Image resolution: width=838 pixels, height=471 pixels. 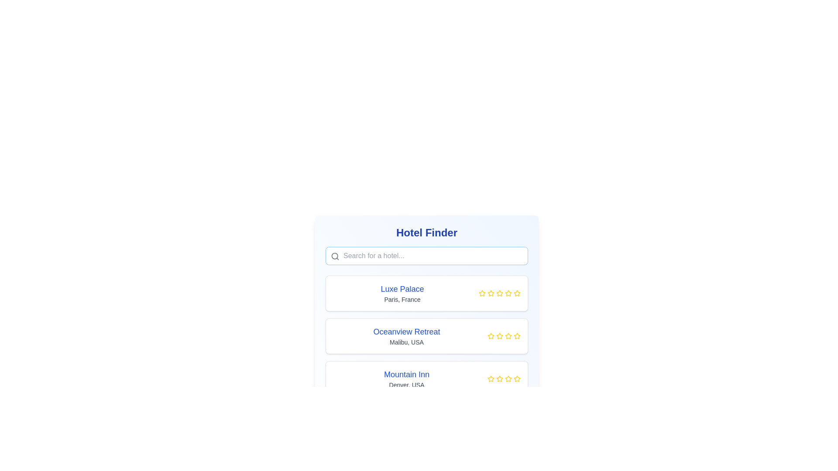 What do you see at coordinates (500, 378) in the screenshot?
I see `the second star in the star rating component for the 'Mountain Inn' hotel entry` at bounding box center [500, 378].